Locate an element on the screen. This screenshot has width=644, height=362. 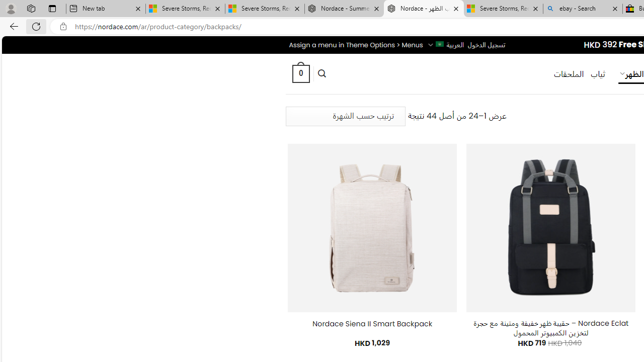
'ebay - Search' is located at coordinates (583, 9).